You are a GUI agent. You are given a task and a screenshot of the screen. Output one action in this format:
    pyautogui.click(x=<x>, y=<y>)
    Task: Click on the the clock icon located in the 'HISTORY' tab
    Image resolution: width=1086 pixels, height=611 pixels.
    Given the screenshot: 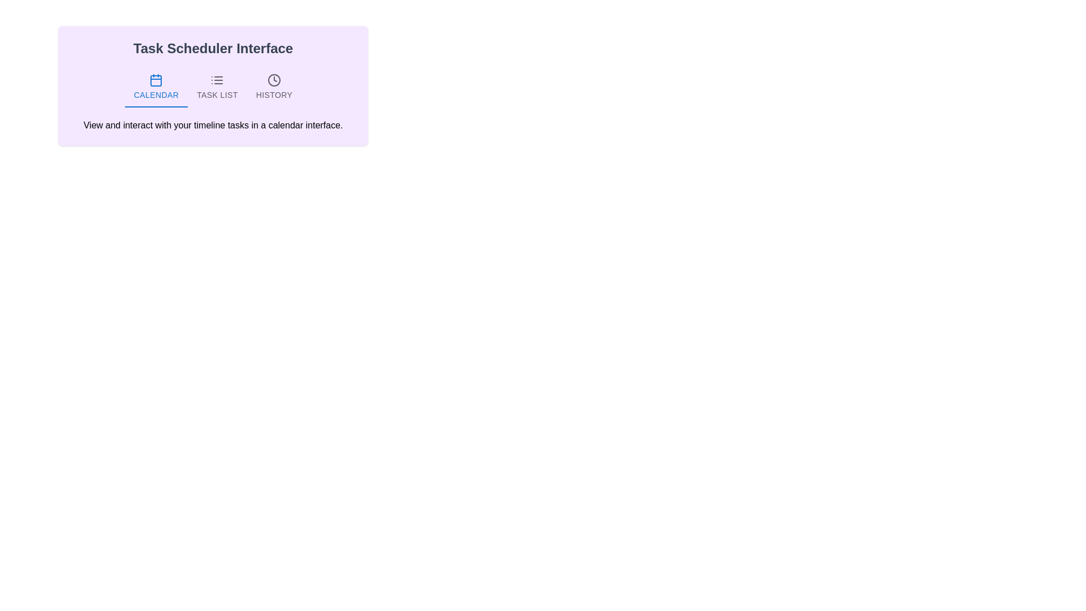 What is the action you would take?
    pyautogui.click(x=274, y=80)
    